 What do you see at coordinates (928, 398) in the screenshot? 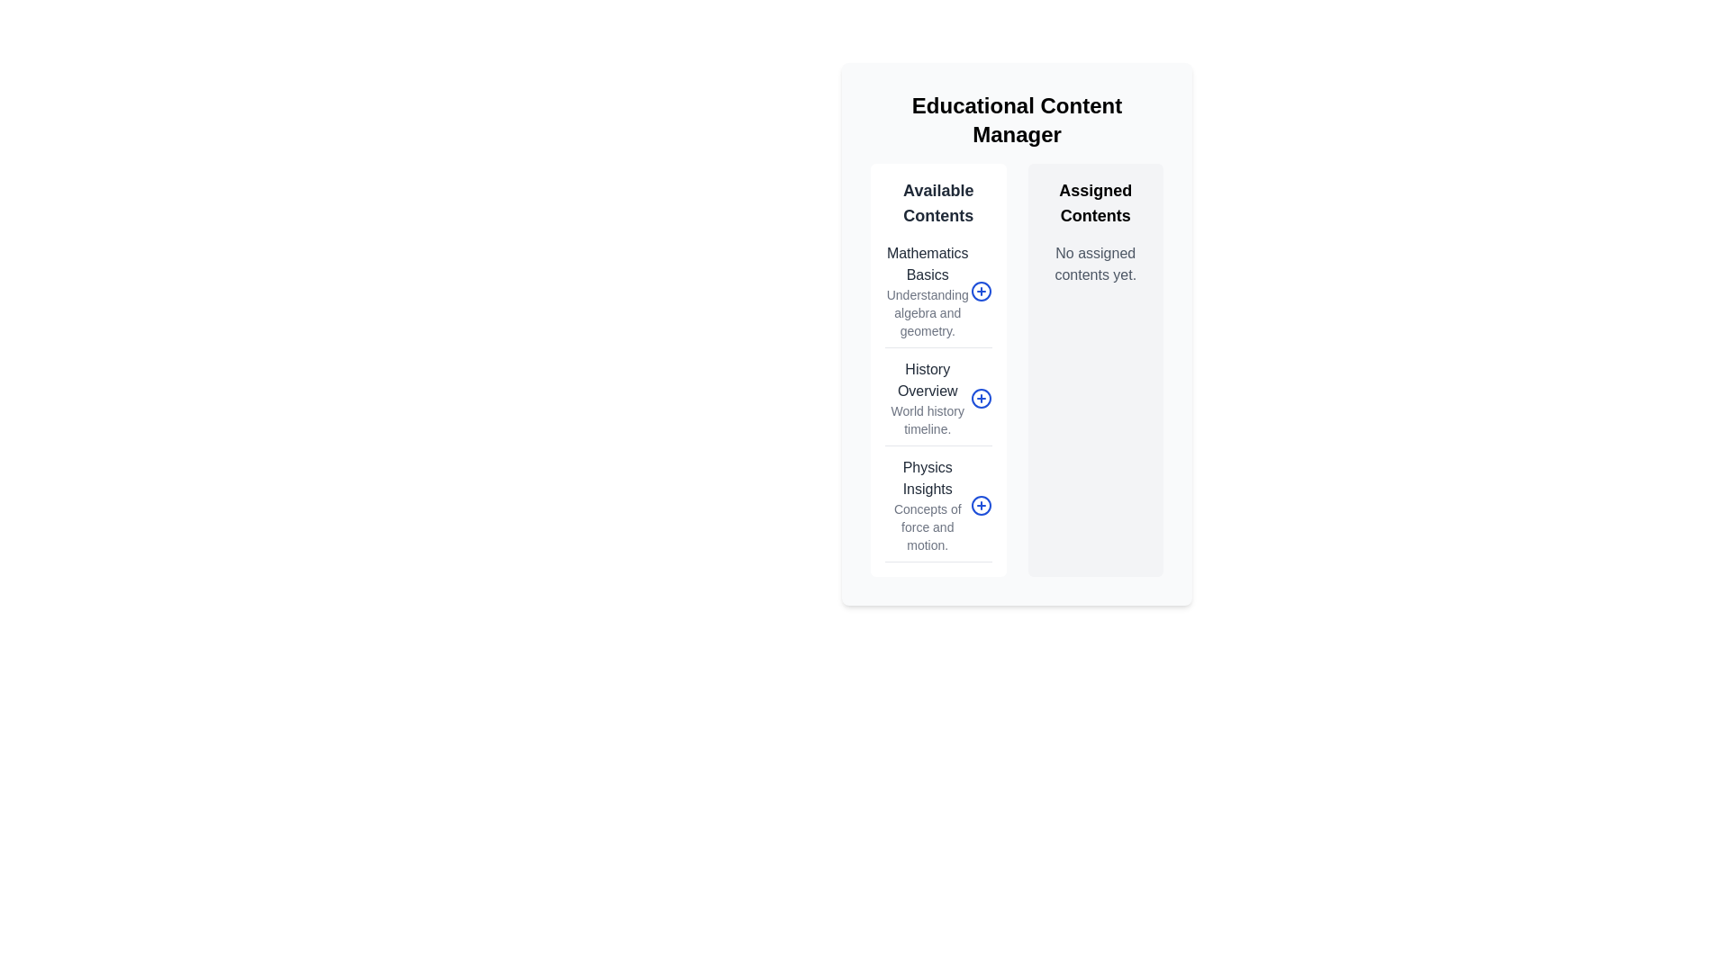
I see `text block titled 'History Overview' which contains the subheading 'World history timeline.' This block is located in the 'Available Contents' section, between 'Mathematics Basics' and 'Physics Insights'` at bounding box center [928, 398].